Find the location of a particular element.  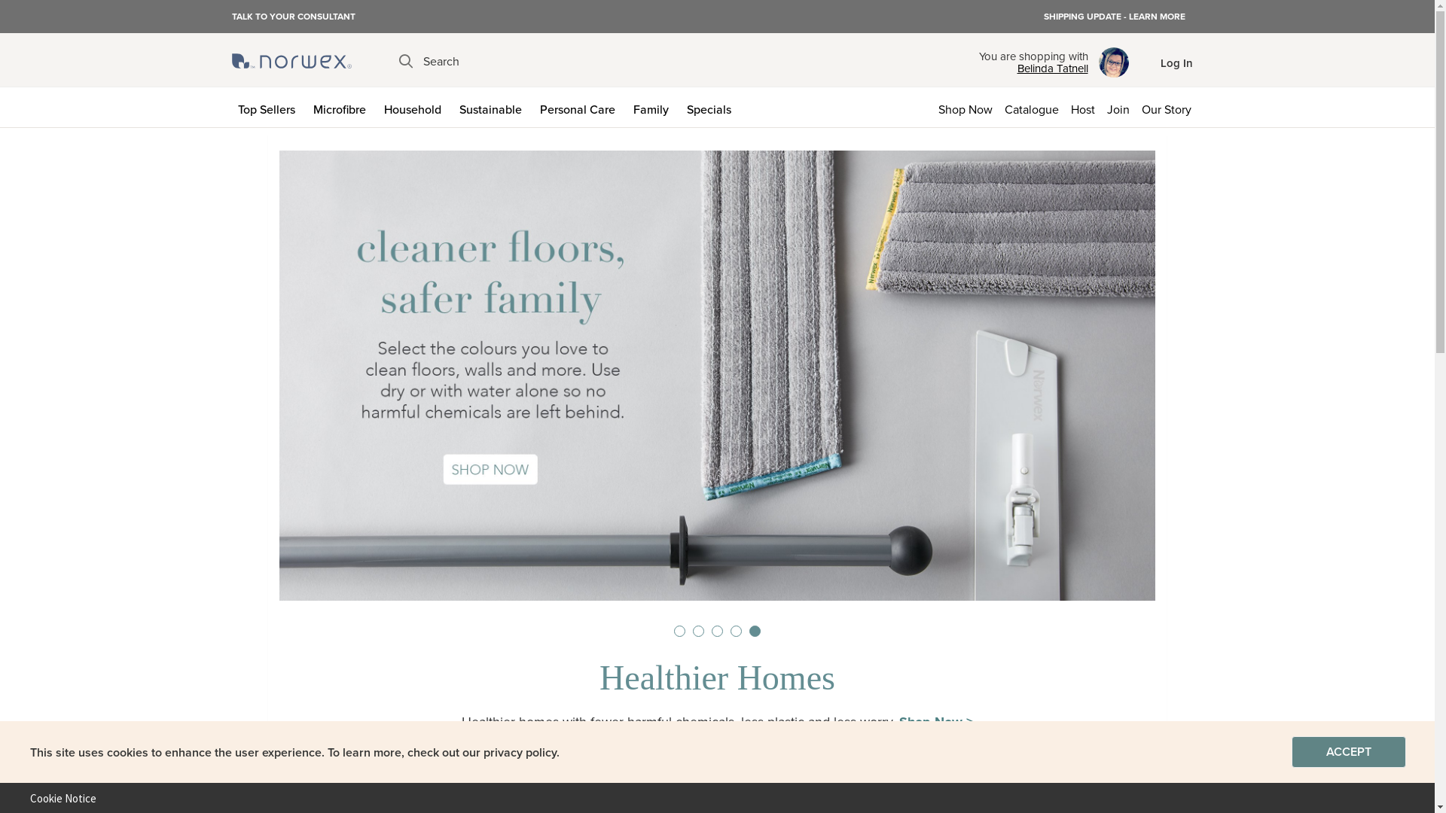

'SHIPPING UPDATE - LEARN MORE' is located at coordinates (1114, 17).